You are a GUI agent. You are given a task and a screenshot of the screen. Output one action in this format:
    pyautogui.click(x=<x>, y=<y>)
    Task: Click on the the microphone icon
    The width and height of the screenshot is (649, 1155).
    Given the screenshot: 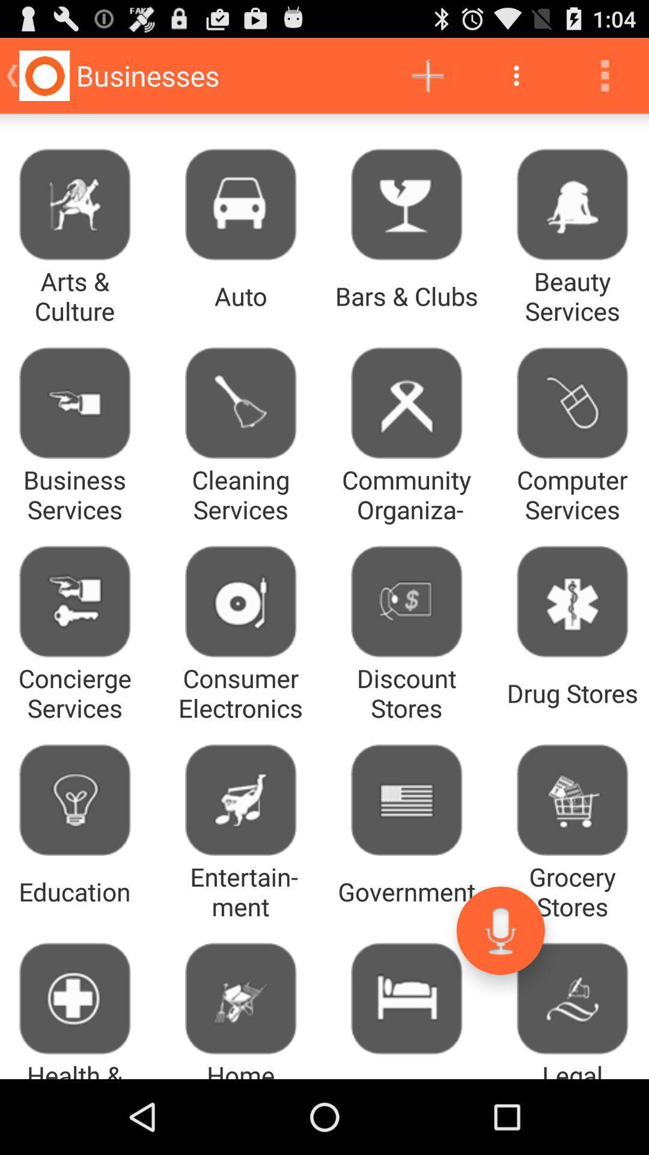 What is the action you would take?
    pyautogui.click(x=501, y=996)
    